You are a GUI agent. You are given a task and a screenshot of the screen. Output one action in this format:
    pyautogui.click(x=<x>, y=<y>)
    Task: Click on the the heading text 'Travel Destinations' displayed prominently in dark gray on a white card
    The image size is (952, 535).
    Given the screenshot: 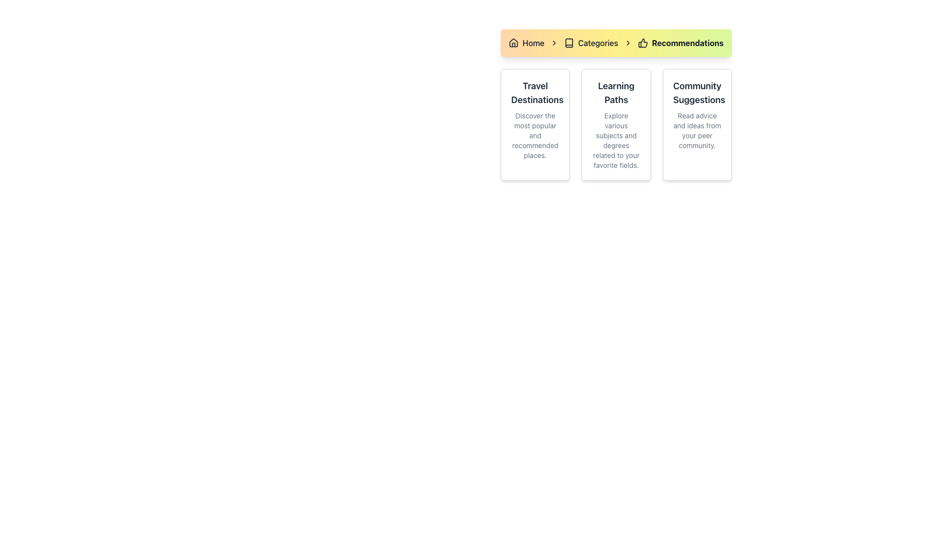 What is the action you would take?
    pyautogui.click(x=535, y=93)
    